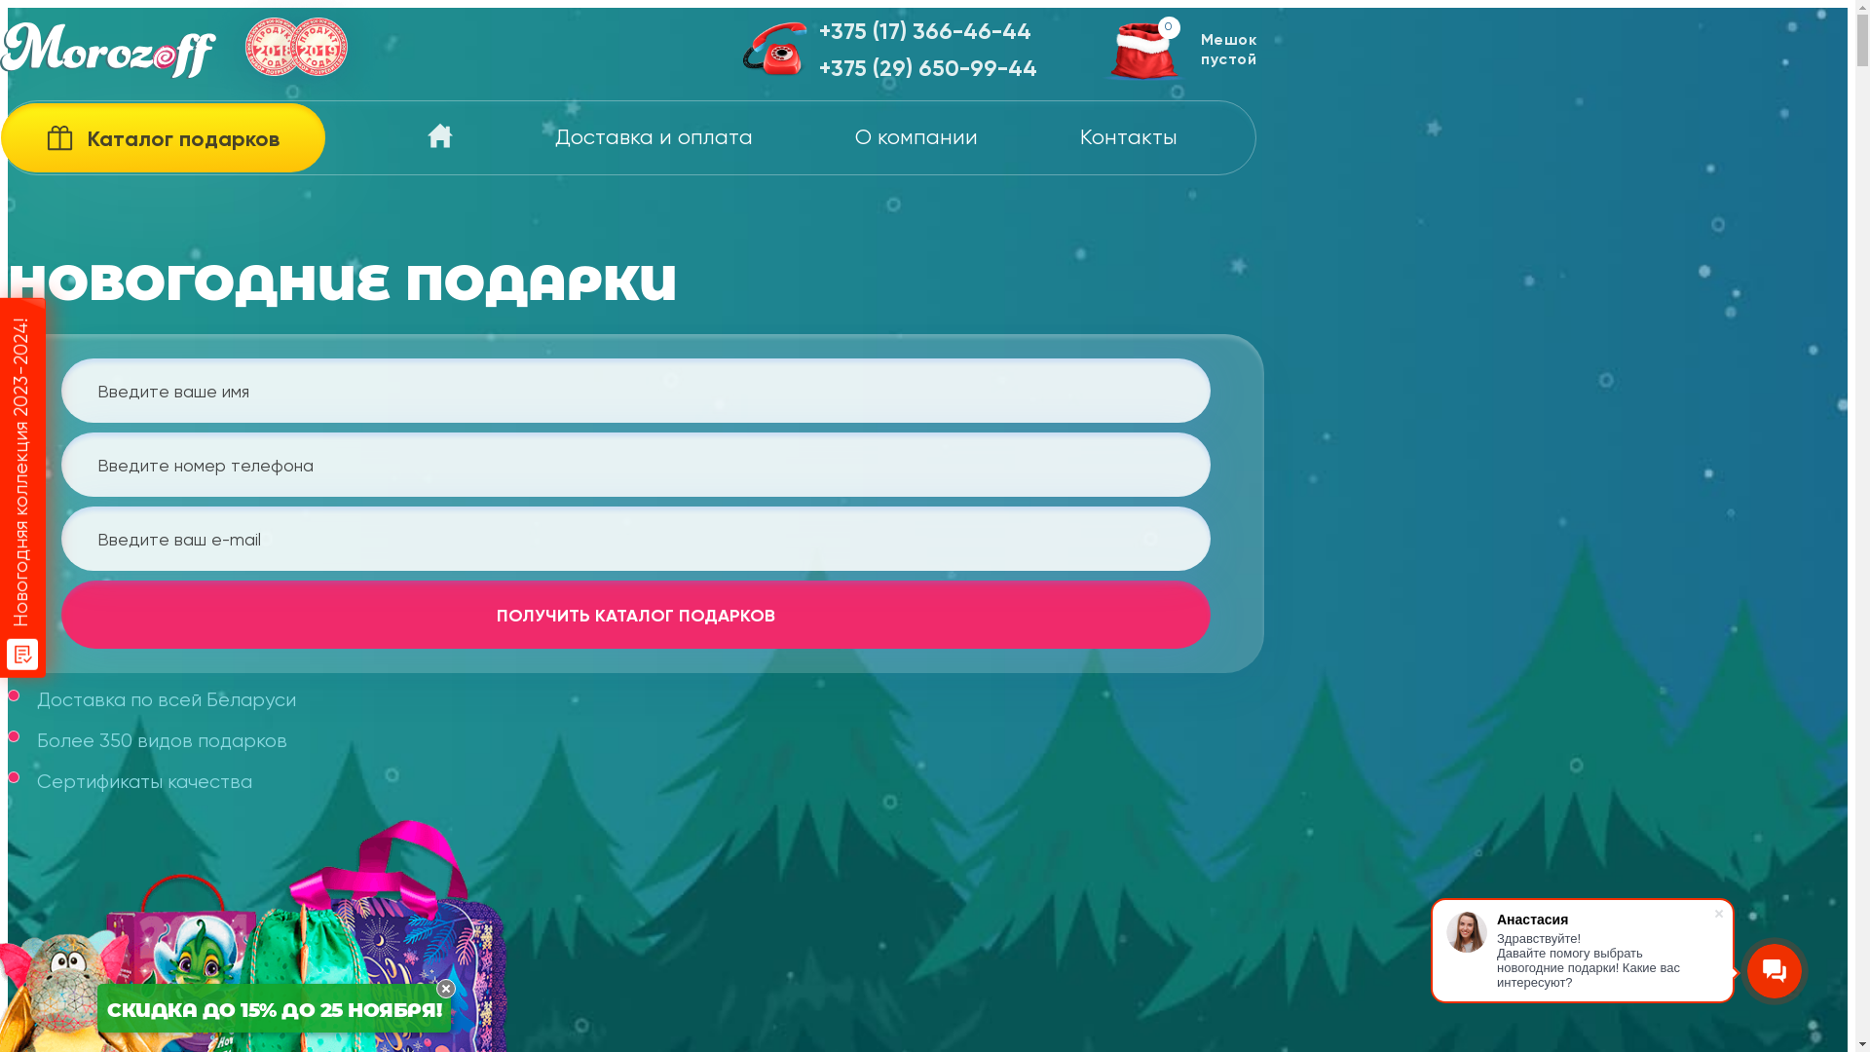  What do you see at coordinates (927, 68) in the screenshot?
I see `'+375 (29) 650-99-44'` at bounding box center [927, 68].